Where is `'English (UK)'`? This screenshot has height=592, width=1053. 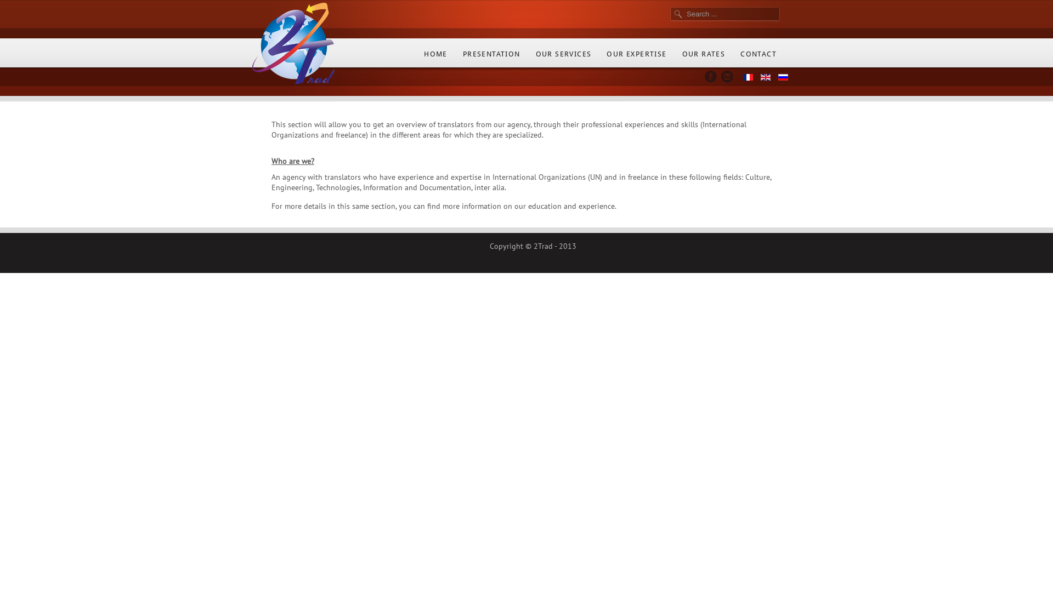
'English (UK)' is located at coordinates (760, 76).